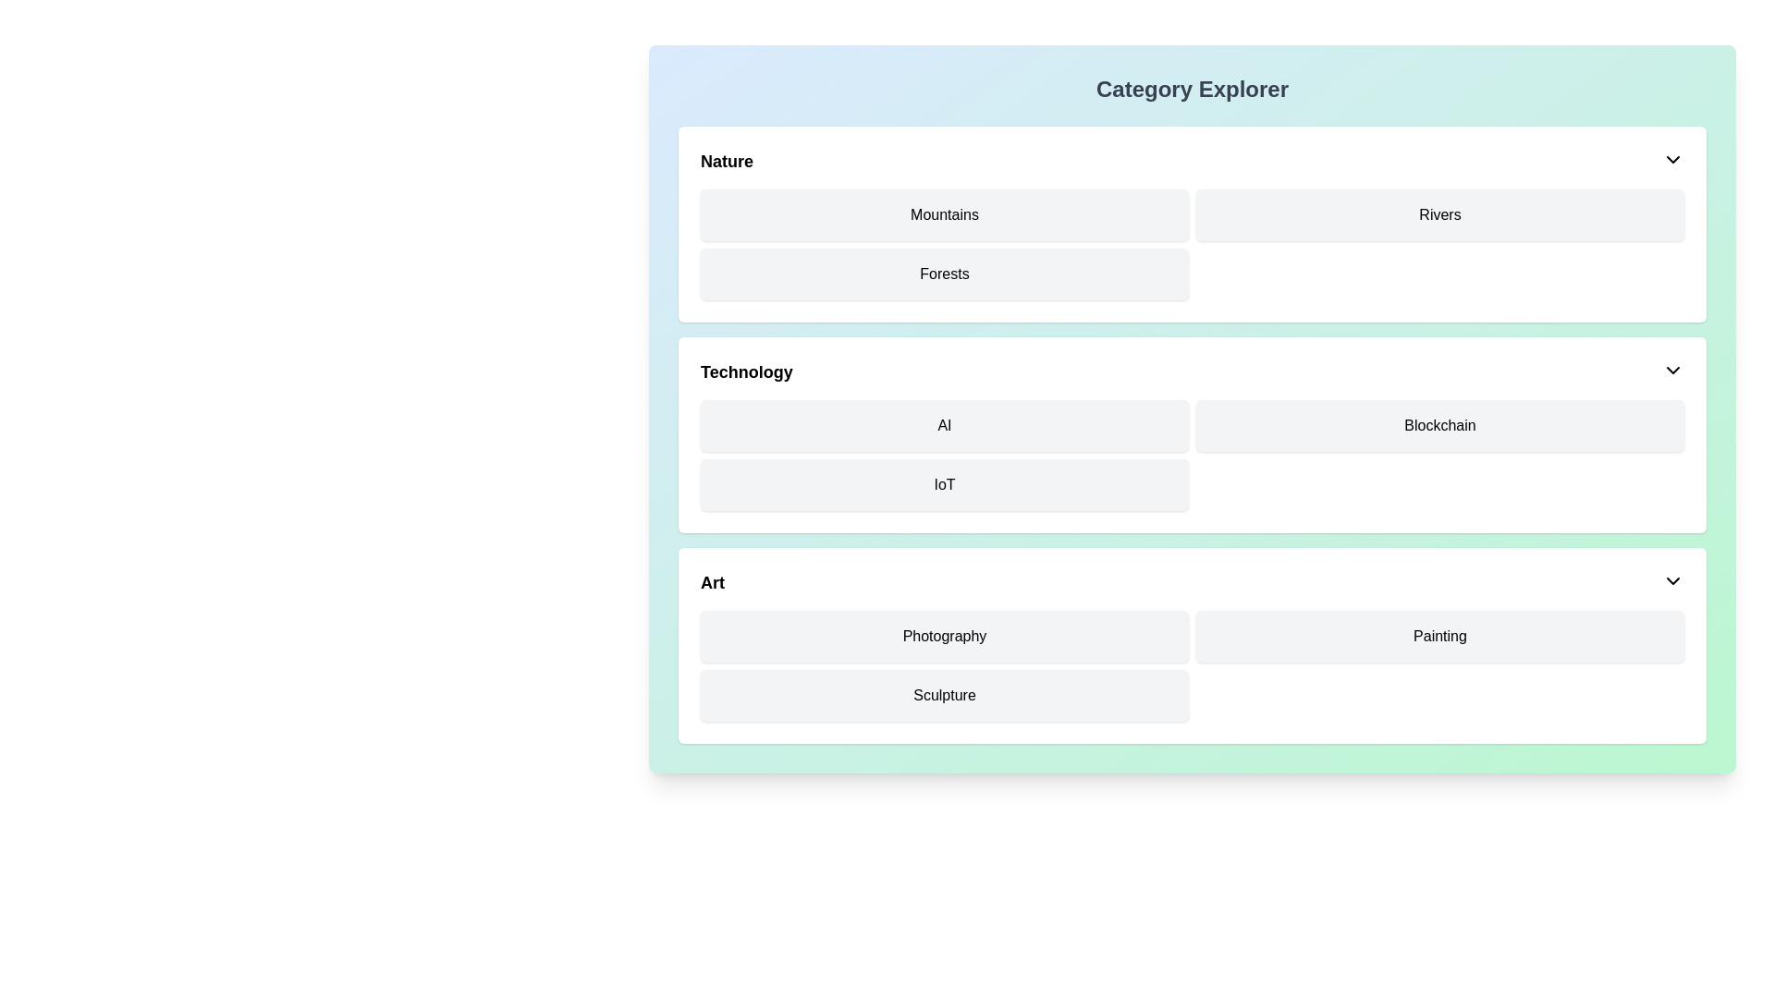 The width and height of the screenshot is (1775, 998). I want to click on the 'Sculpture' text label in the 'Art' category section, so click(945, 695).